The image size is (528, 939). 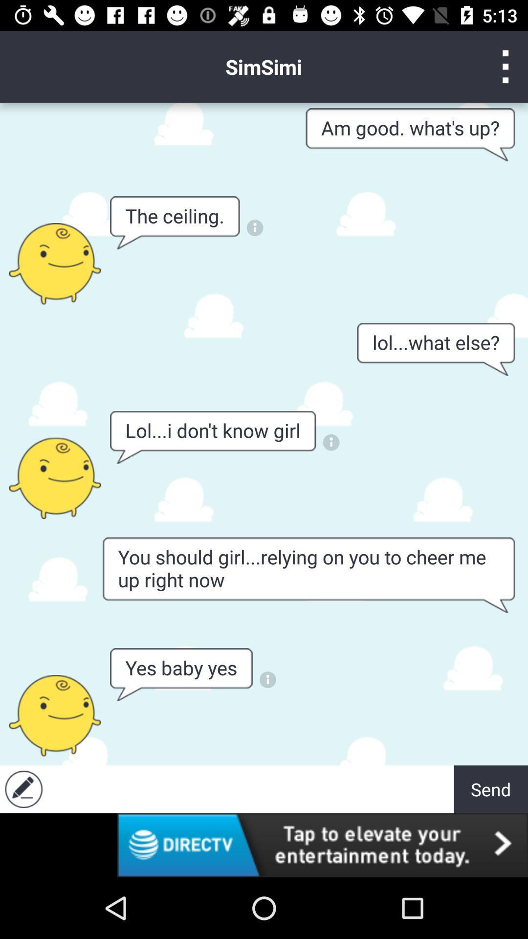 I want to click on menu, so click(x=506, y=66).